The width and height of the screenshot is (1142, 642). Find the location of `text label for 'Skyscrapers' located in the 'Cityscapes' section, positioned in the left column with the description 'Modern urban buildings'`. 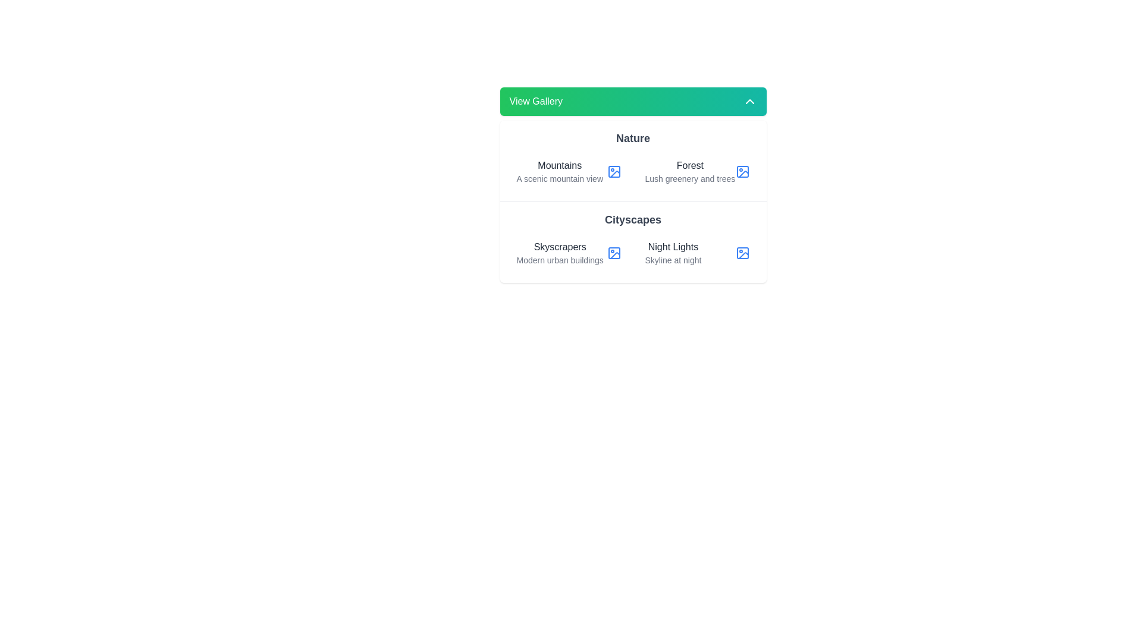

text label for 'Skyscrapers' located in the 'Cityscapes' section, positioned in the left column with the description 'Modern urban buildings' is located at coordinates (559, 252).